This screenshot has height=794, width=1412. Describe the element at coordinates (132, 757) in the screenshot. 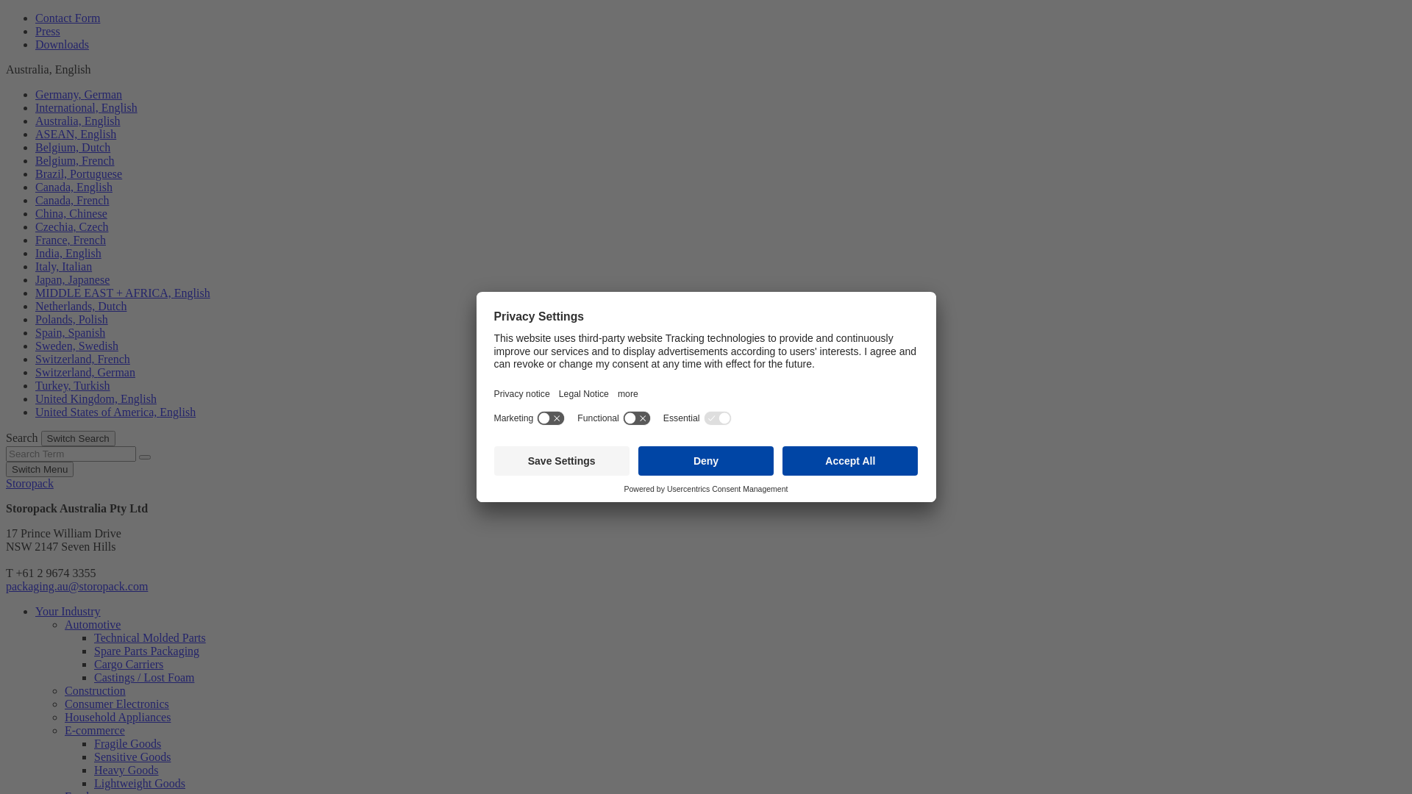

I see `'Sensitive Goods'` at that location.